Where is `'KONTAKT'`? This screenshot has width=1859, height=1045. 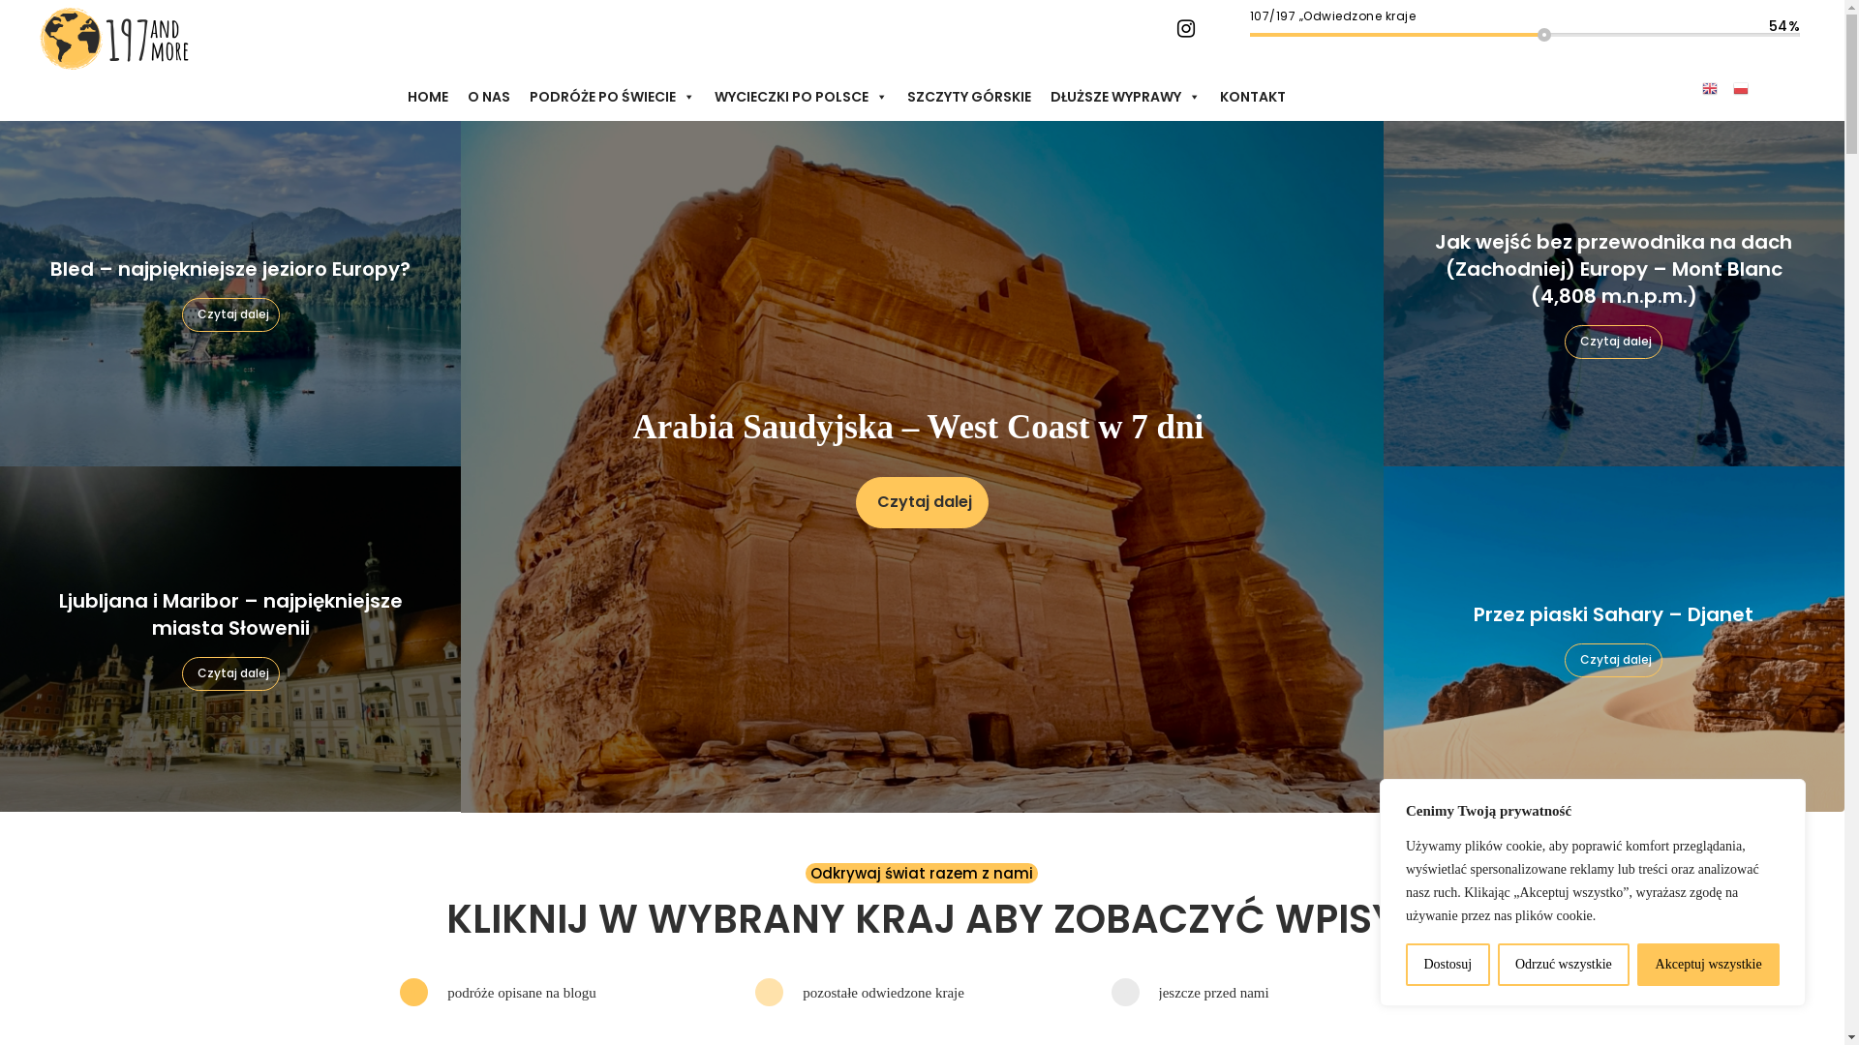 'KONTAKT' is located at coordinates (1253, 97).